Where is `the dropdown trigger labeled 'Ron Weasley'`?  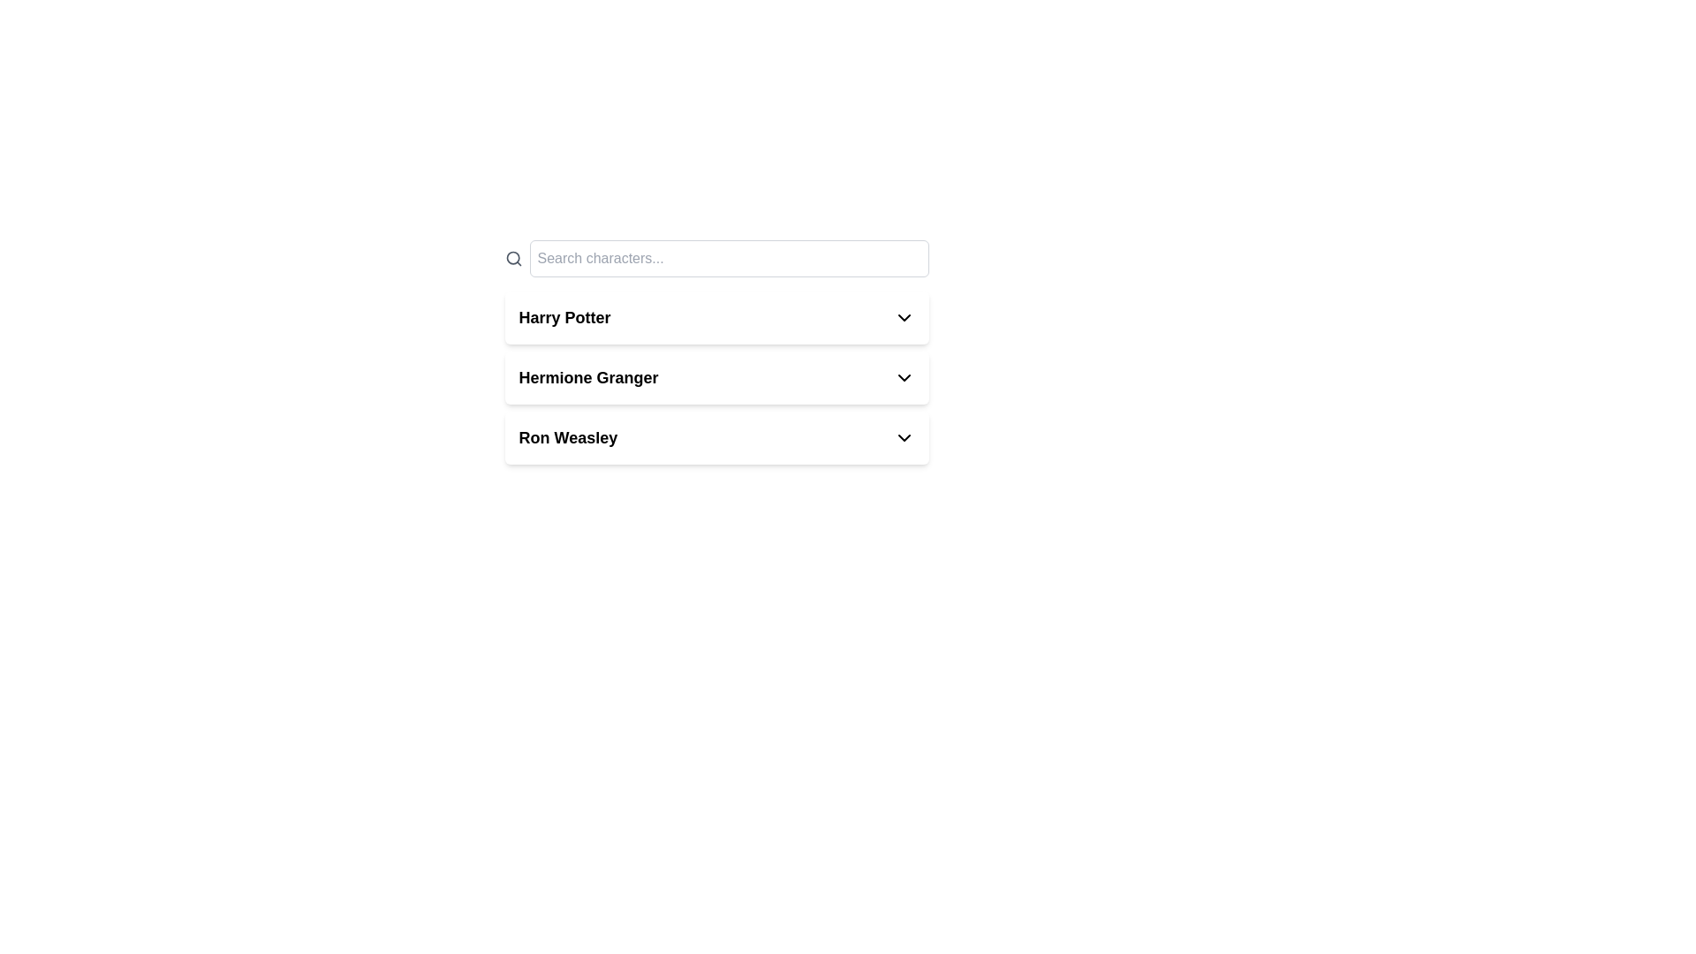 the dropdown trigger labeled 'Ron Weasley' is located at coordinates (716, 437).